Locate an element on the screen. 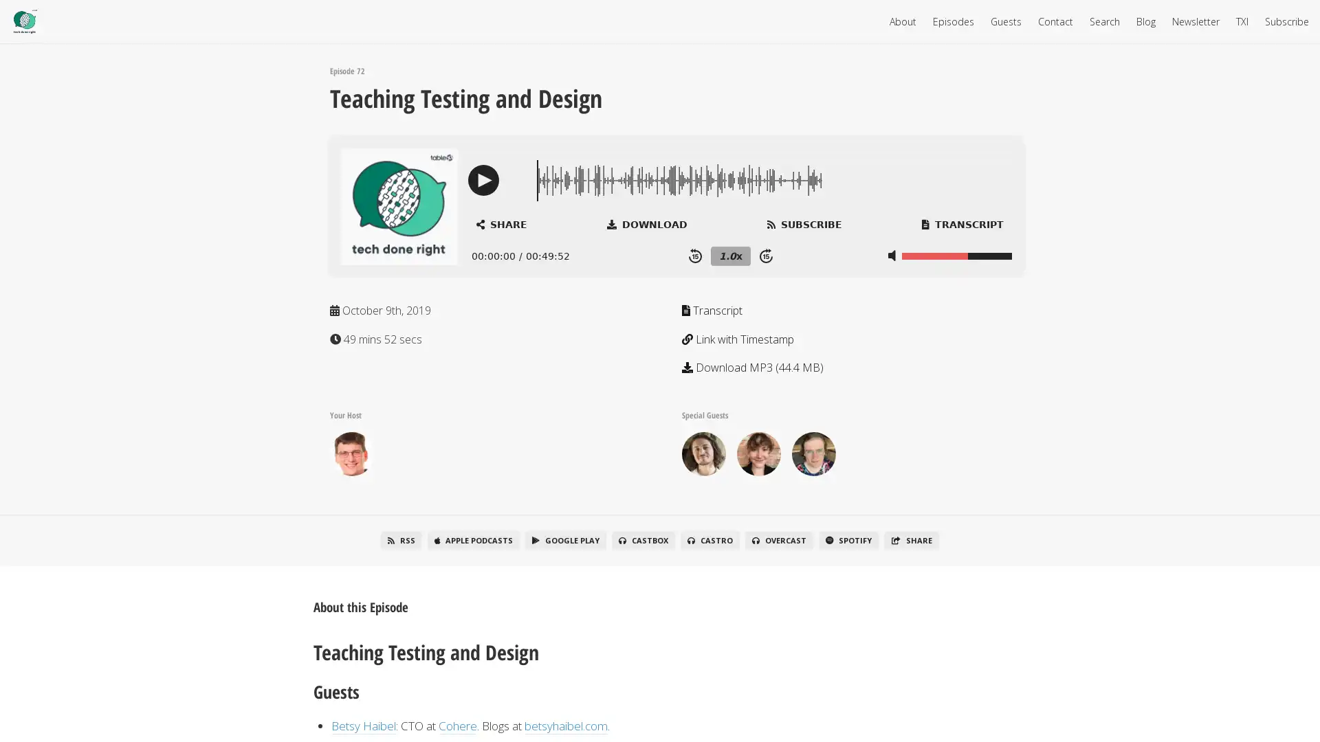 This screenshot has width=1320, height=742. Open Share and Subscribe Dialog is located at coordinates (500, 224).